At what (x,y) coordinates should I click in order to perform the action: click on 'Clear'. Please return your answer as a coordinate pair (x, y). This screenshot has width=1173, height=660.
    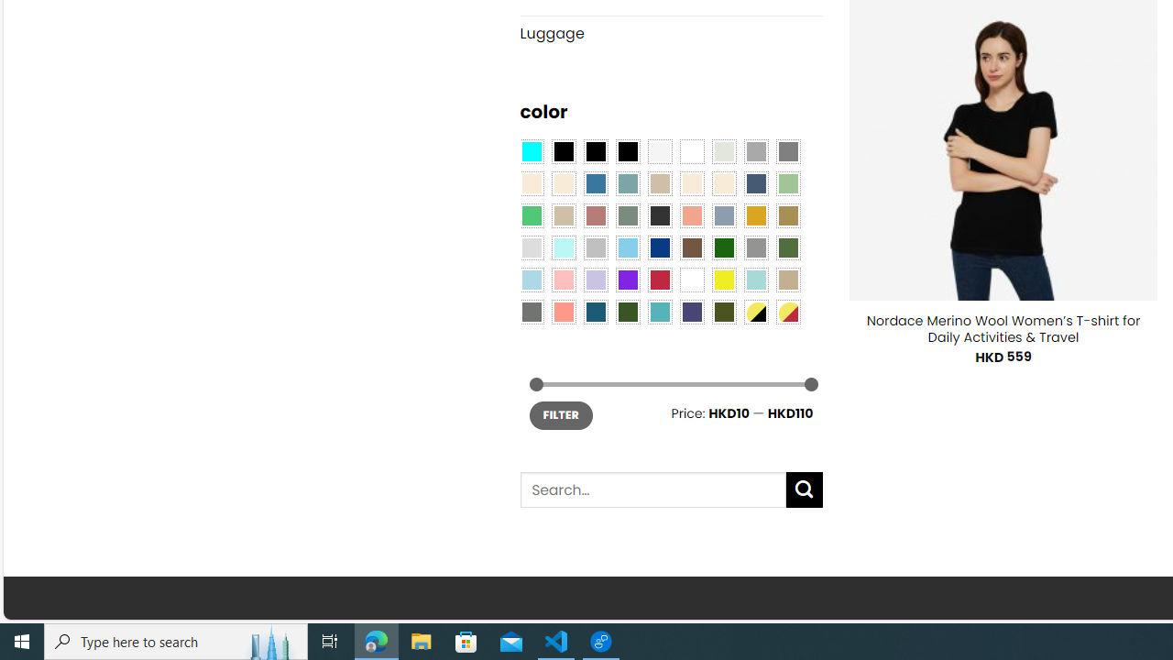
    Looking at the image, I should click on (691, 149).